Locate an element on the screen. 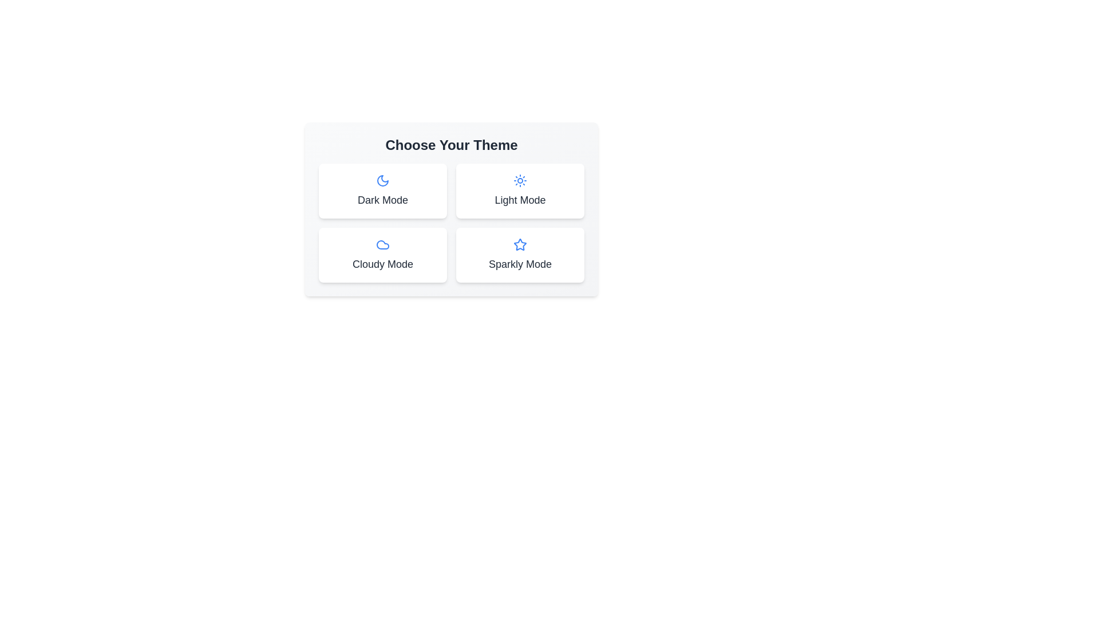 This screenshot has height=618, width=1099. the content of the 'Light Mode' text label, which is a large, bold, medium gray text located in the second card of the top row of theme options is located at coordinates (519, 200).